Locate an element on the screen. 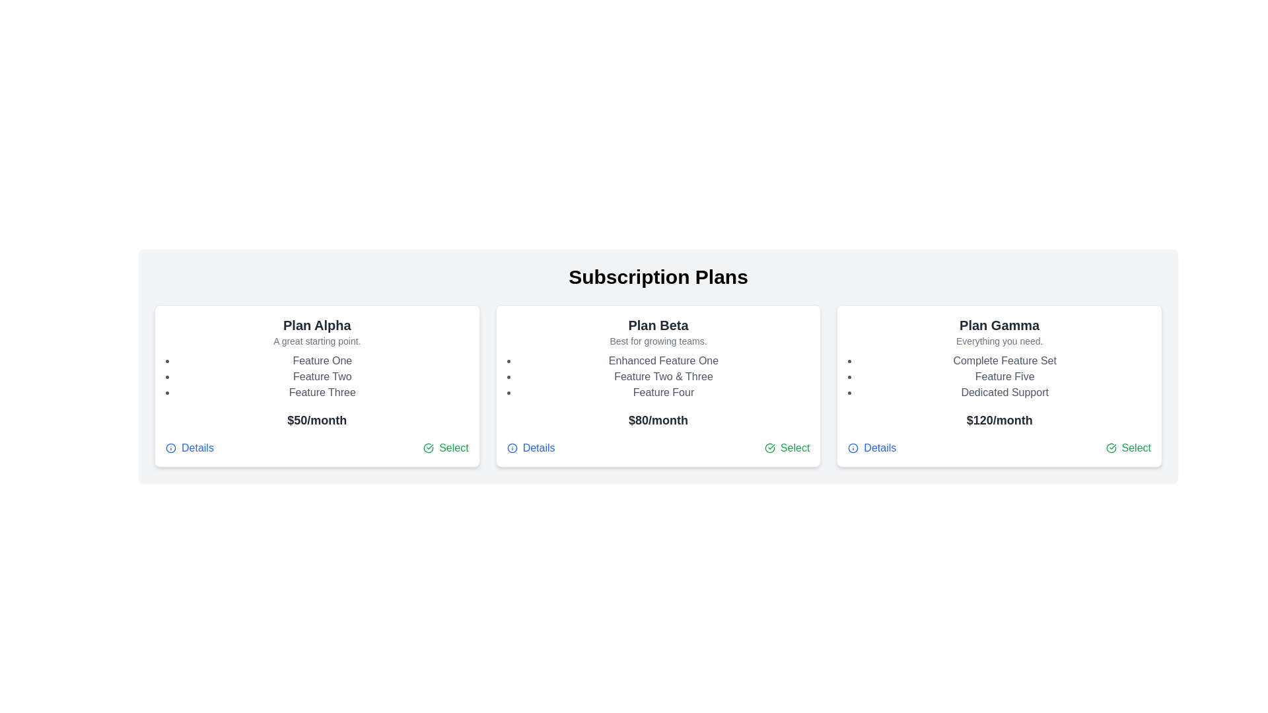  the label element below the 'Plan Beta' heading in the subscription plan card, which is styled with a smaller font size and subdued gray tone is located at coordinates (658, 340).